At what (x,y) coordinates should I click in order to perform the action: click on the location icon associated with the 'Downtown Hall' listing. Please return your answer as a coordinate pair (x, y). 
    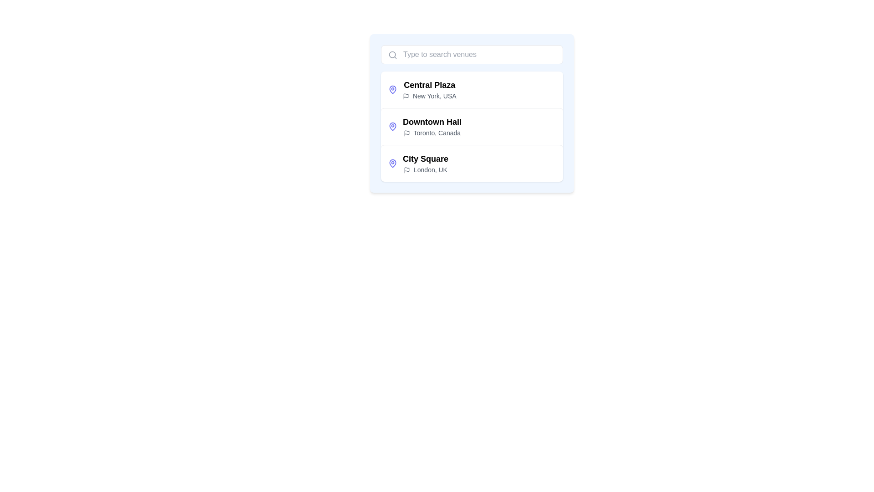
    Looking at the image, I should click on (393, 126).